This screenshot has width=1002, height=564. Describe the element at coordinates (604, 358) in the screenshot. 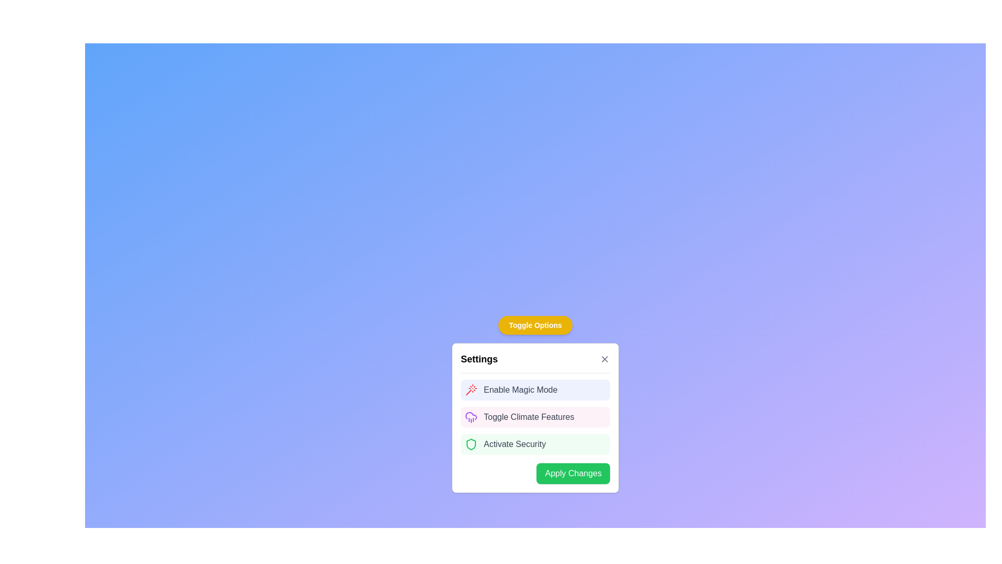

I see `the close button located in the top-right corner of the 'Settings' panel` at that location.